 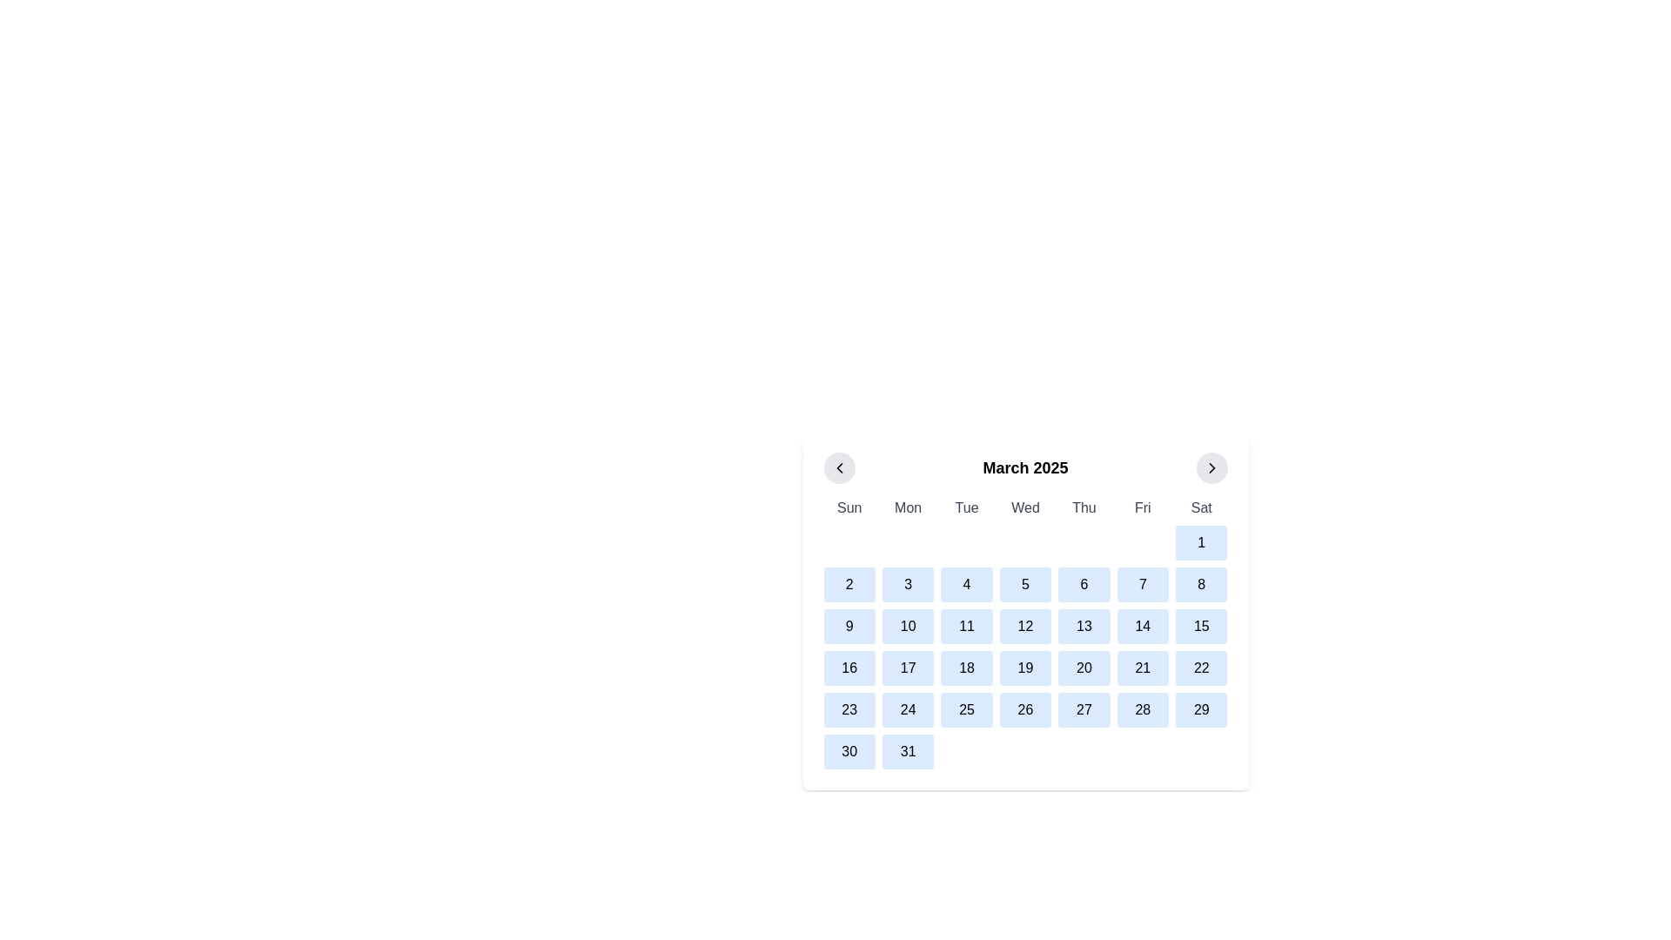 What do you see at coordinates (839, 467) in the screenshot?
I see `the button located to the left of the month title 'March 2025' in the calendar interface` at bounding box center [839, 467].